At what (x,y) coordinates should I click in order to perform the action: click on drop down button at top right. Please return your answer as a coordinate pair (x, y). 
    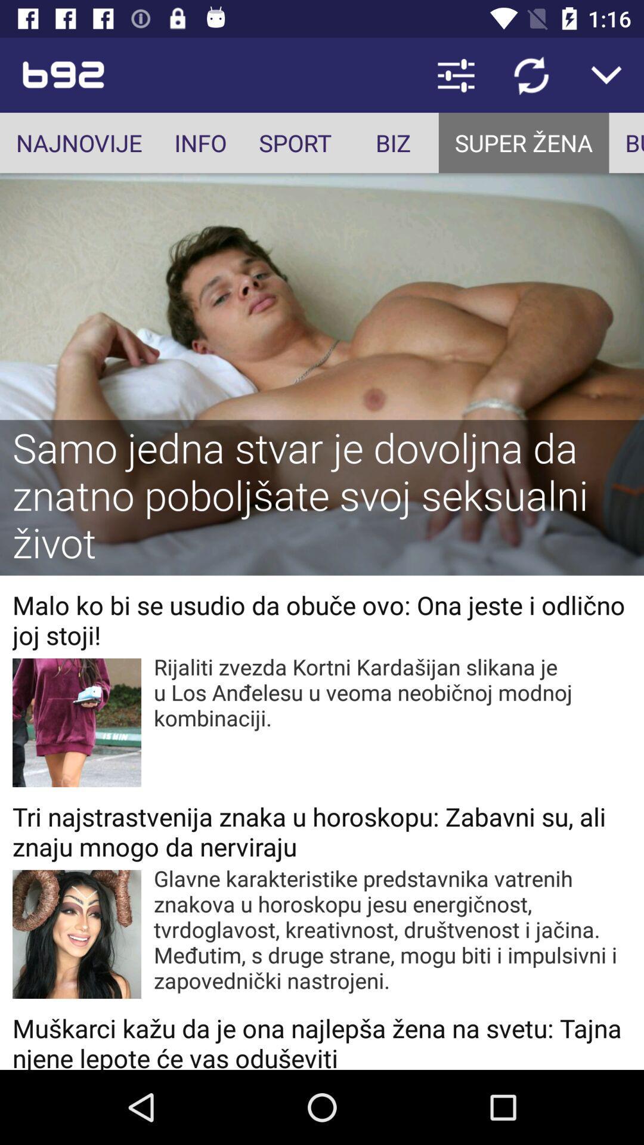
    Looking at the image, I should click on (606, 74).